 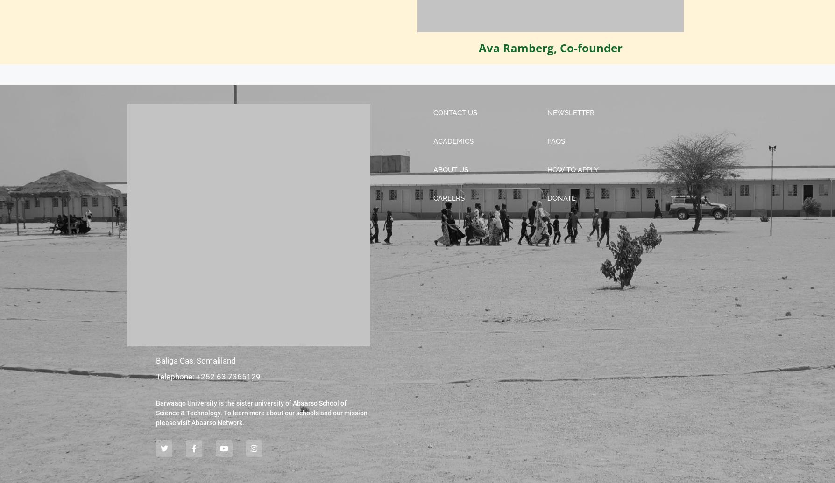 I want to click on 'Newsletter', so click(x=570, y=112).